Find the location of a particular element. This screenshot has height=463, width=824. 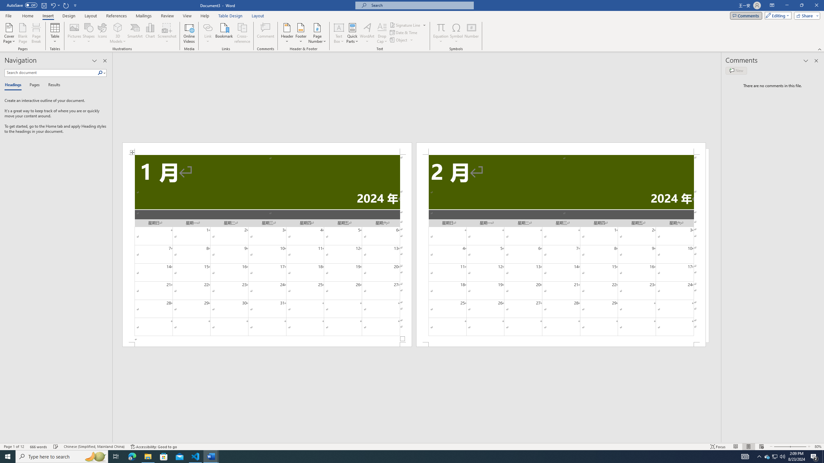

'AutoSave' is located at coordinates (22, 5).